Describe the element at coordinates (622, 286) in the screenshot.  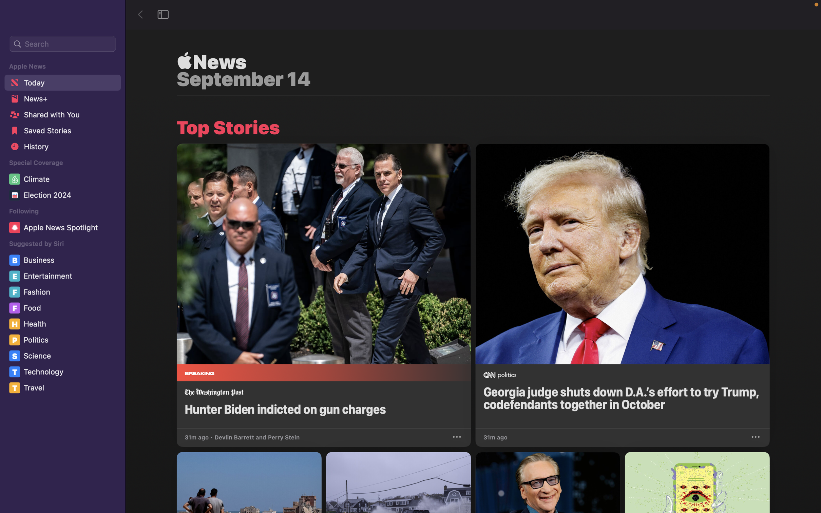
I see `the second news piece about a judge from Georgia` at that location.